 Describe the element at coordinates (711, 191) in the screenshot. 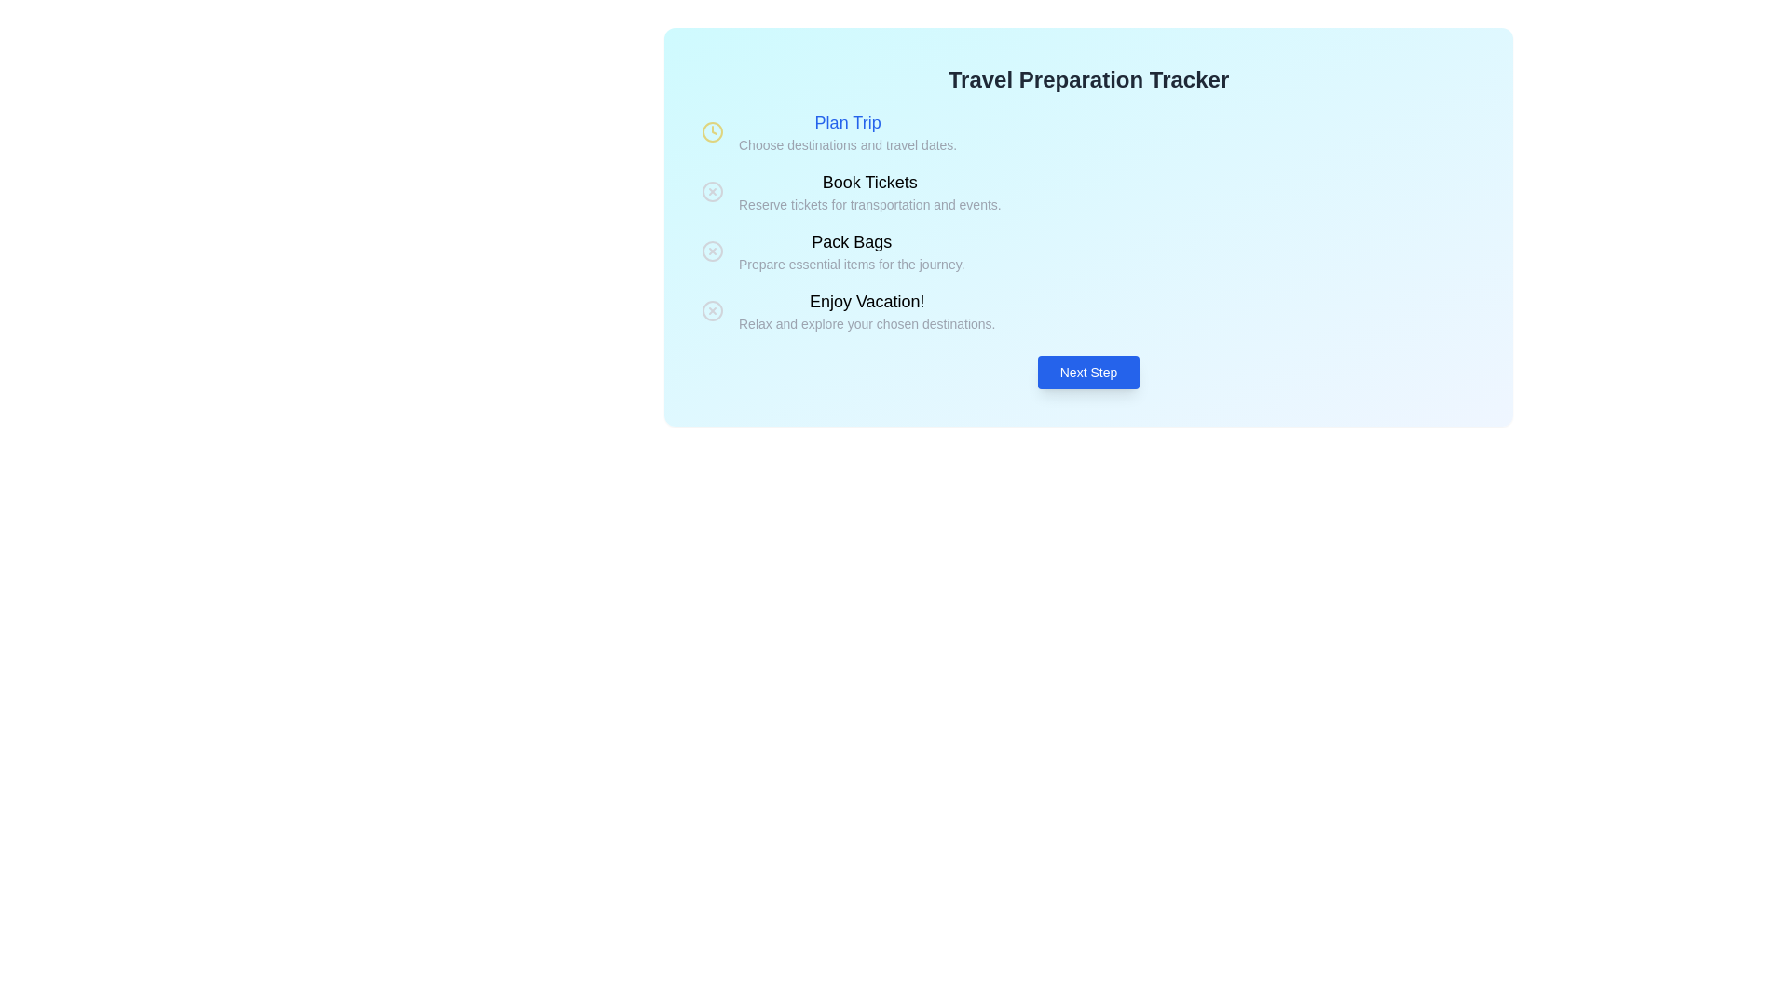

I see `the second Decorative indicator icon, which is a circular icon with a gray cross mark in the center, located to the left of the 'Book Tickets' text` at that location.